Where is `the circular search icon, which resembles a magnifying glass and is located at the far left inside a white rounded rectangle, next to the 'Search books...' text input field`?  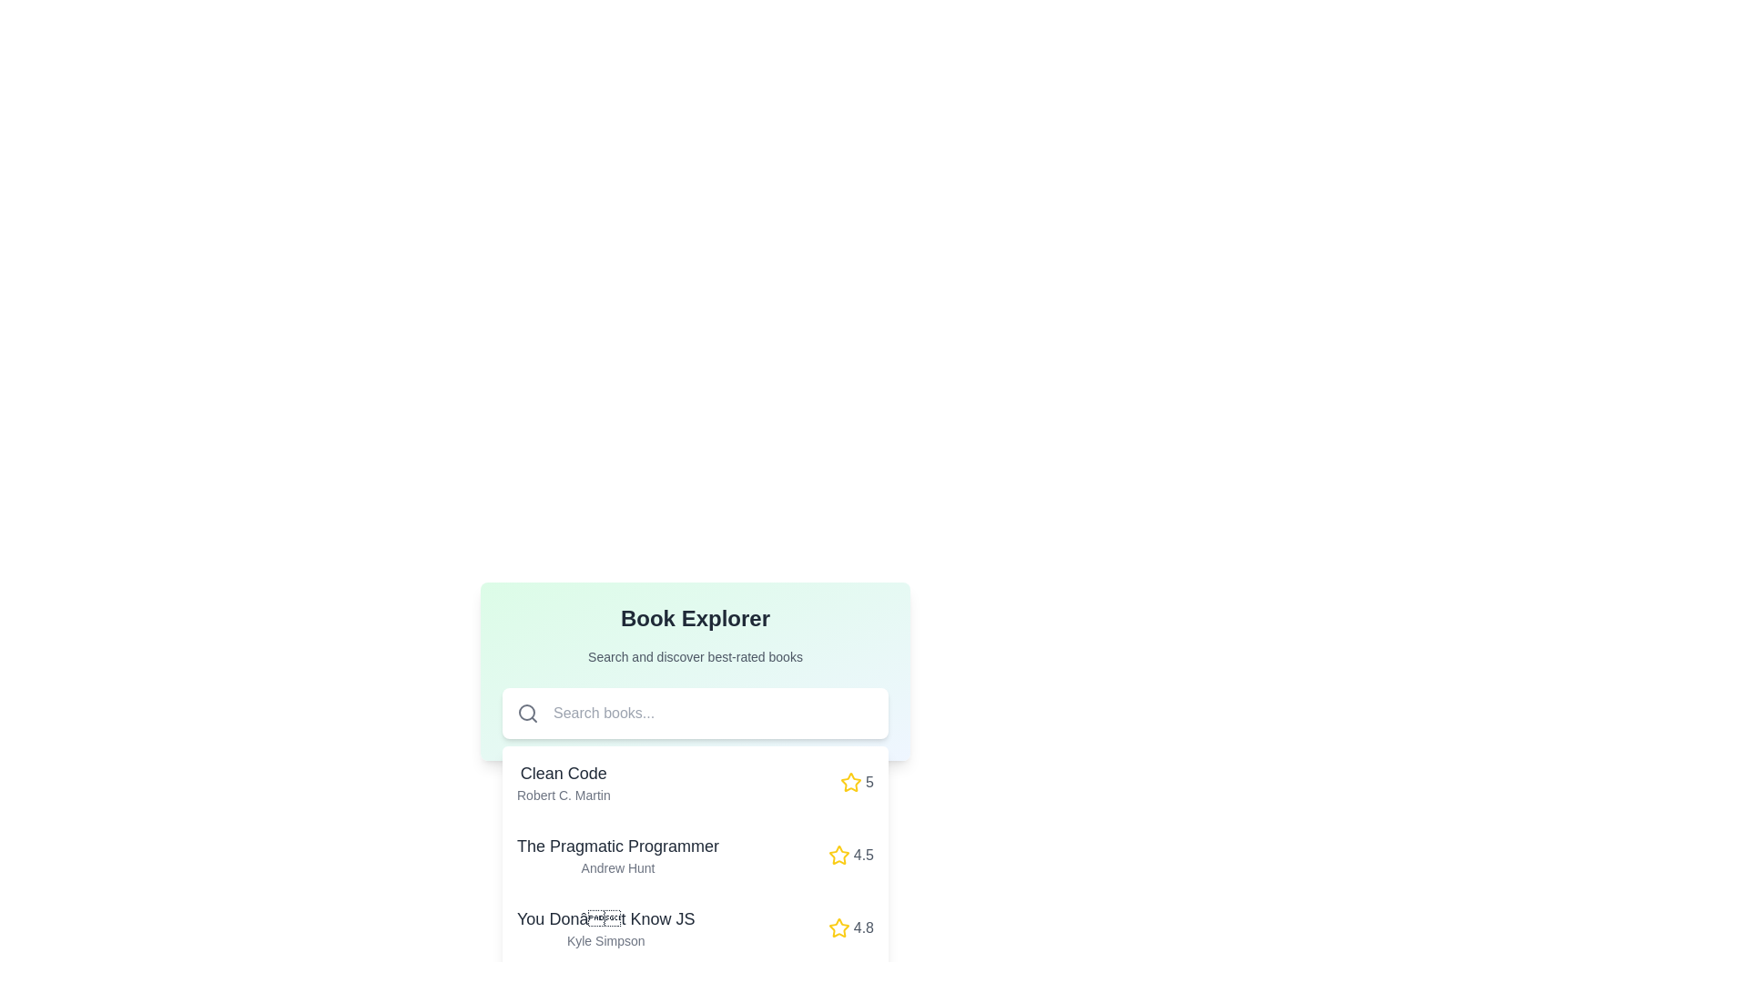
the circular search icon, which resembles a magnifying glass and is located at the far left inside a white rounded rectangle, next to the 'Search books...' text input field is located at coordinates (527, 712).